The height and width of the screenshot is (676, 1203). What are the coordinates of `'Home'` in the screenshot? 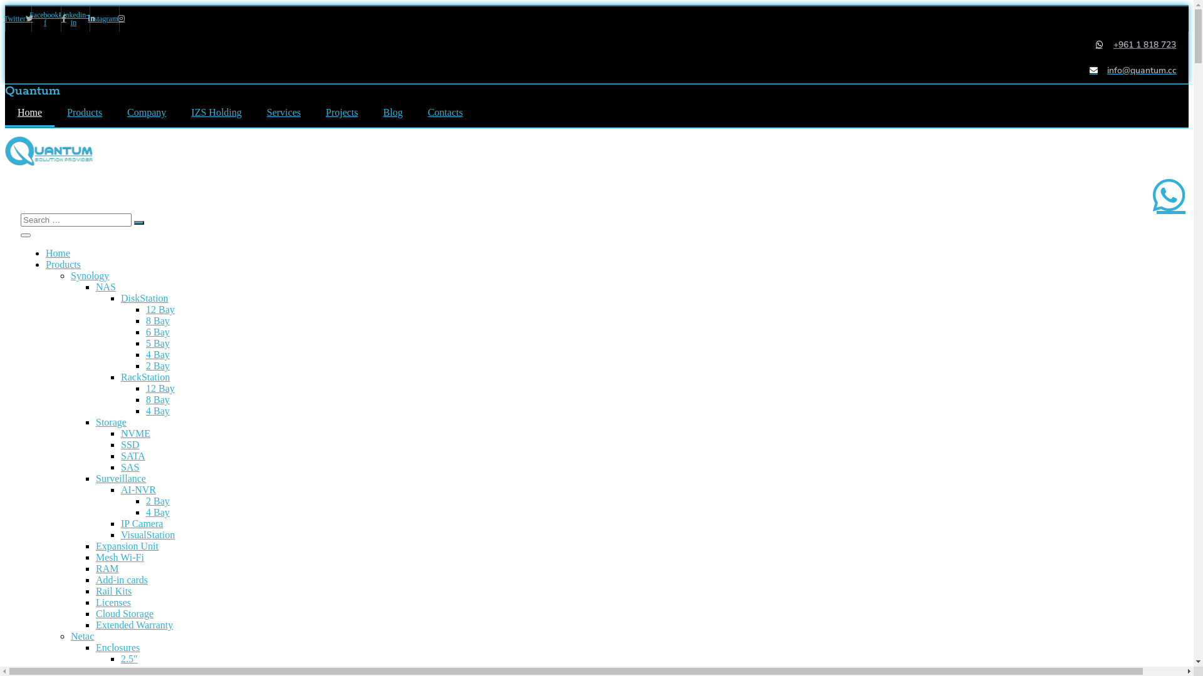 It's located at (57, 253).